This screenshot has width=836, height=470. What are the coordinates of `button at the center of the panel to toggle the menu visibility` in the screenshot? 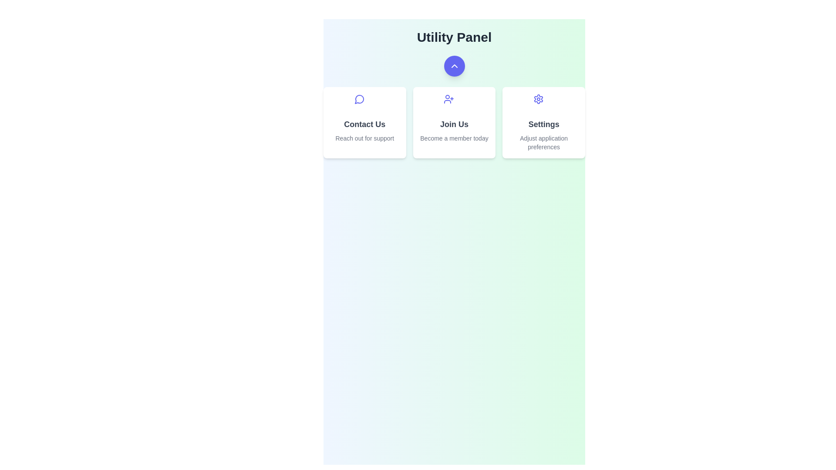 It's located at (454, 65).